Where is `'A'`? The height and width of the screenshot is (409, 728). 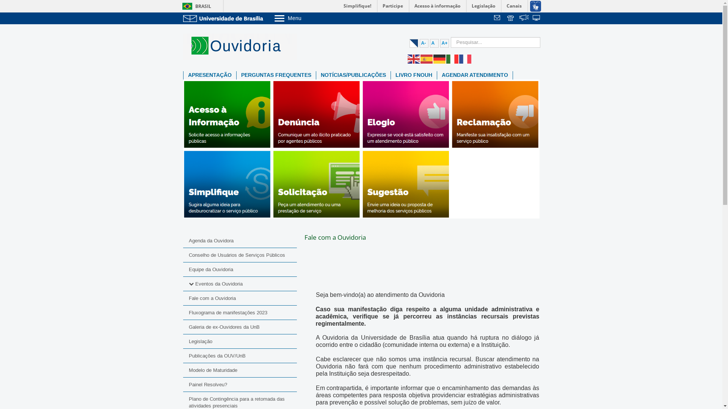
'A' is located at coordinates (430, 43).